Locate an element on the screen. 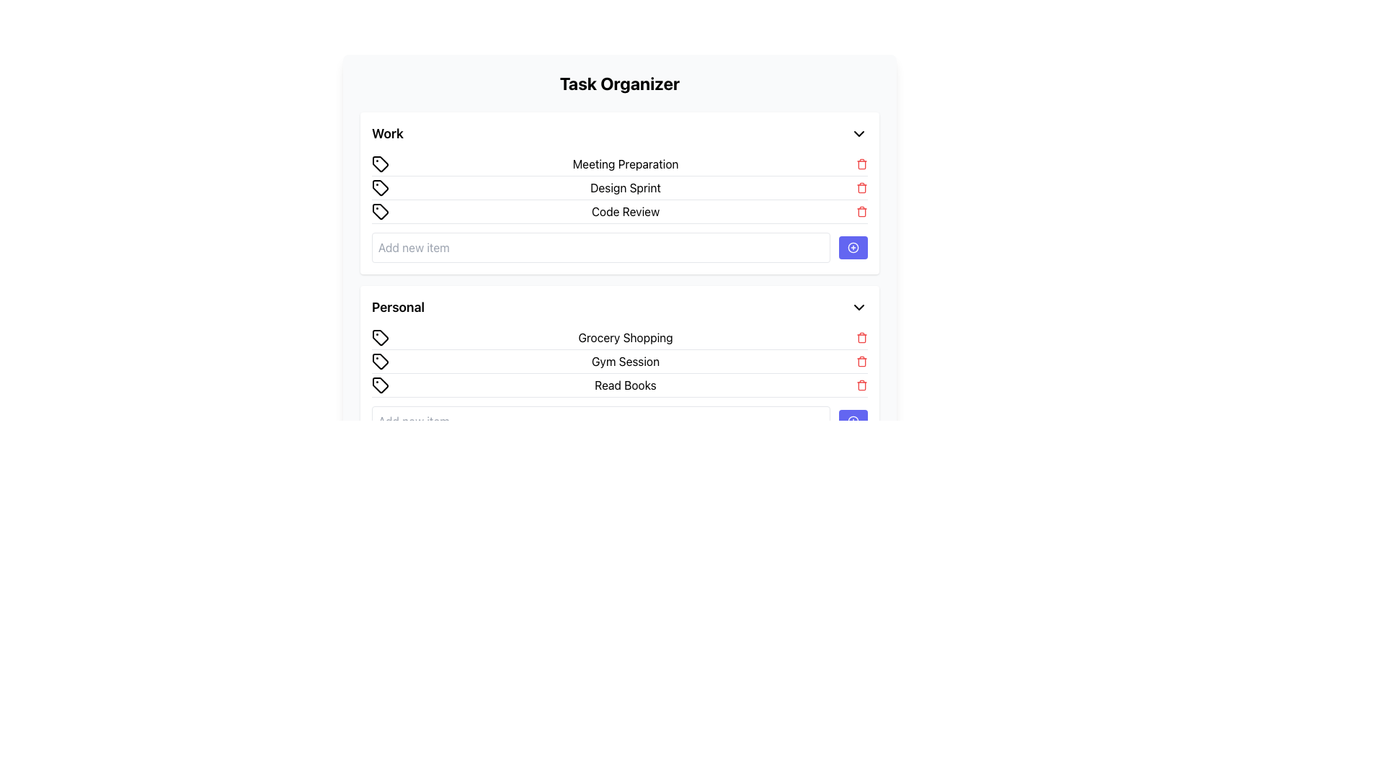  the small circular button with a vibrant indigo background and white text, located near the bottom-right corner of the input area is located at coordinates (853, 421).